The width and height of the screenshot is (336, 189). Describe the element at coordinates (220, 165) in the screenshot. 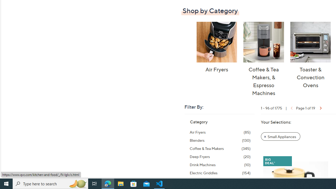

I see `'Drink Machines, 10 items'` at that location.